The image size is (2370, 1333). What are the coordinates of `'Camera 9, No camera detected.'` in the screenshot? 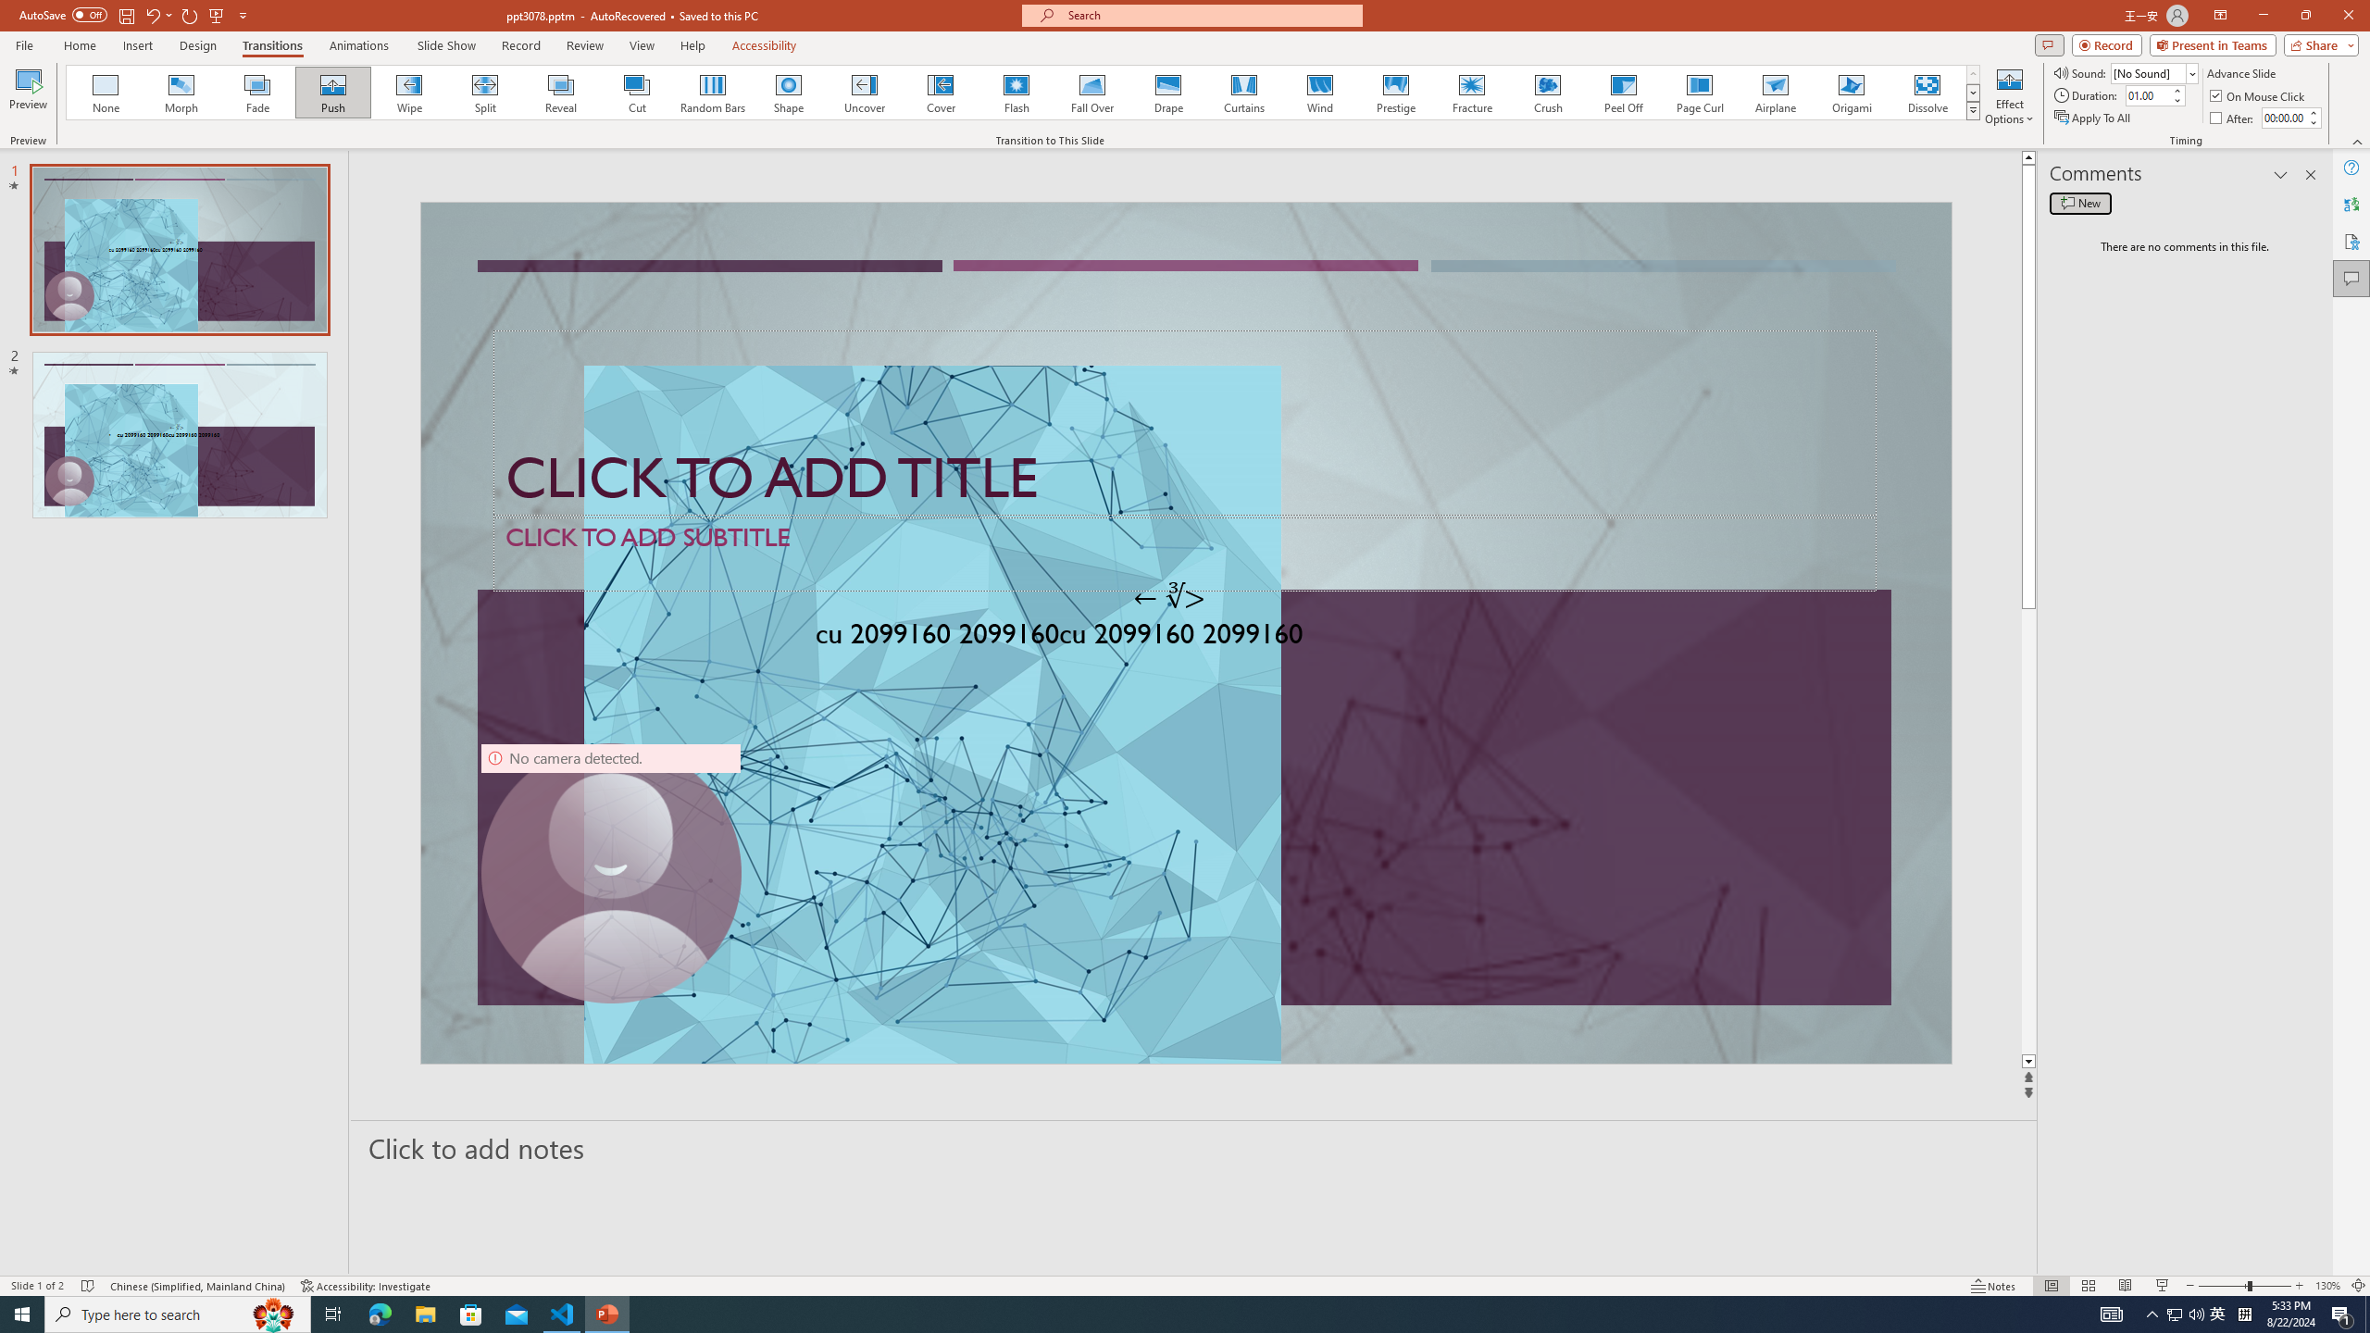 It's located at (610, 872).